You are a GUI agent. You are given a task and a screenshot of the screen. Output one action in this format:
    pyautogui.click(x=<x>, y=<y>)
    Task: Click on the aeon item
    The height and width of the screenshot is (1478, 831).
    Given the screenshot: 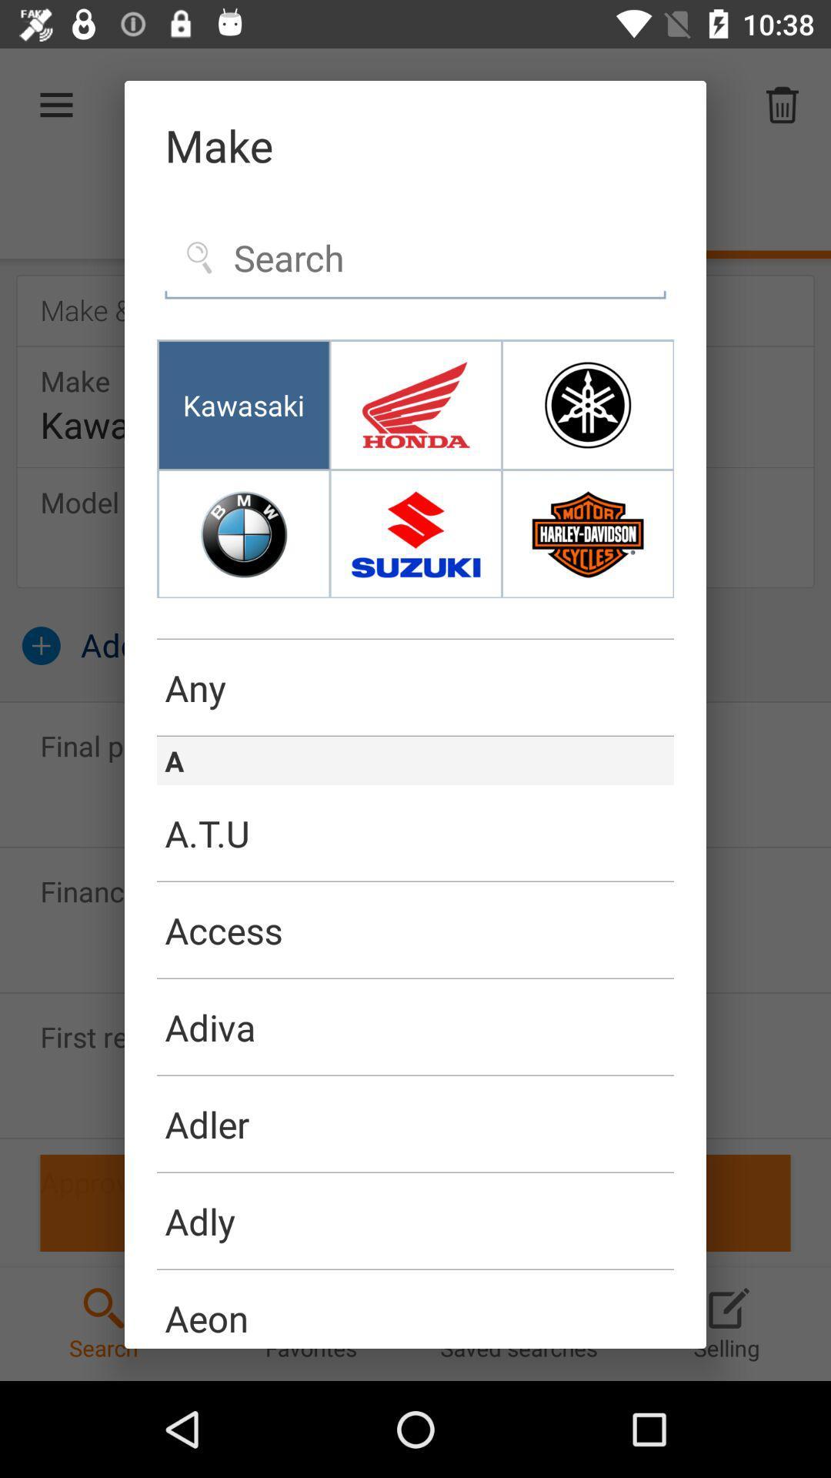 What is the action you would take?
    pyautogui.click(x=415, y=1308)
    